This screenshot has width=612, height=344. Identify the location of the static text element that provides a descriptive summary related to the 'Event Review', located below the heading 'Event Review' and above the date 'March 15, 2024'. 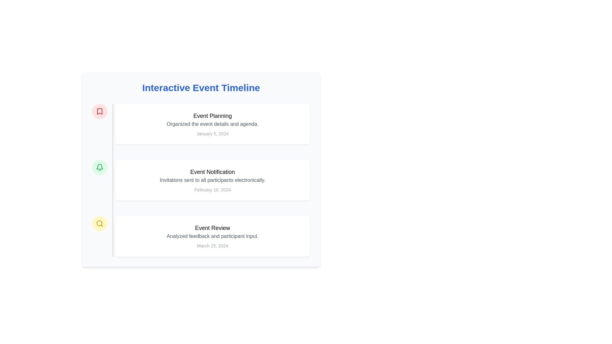
(213, 236).